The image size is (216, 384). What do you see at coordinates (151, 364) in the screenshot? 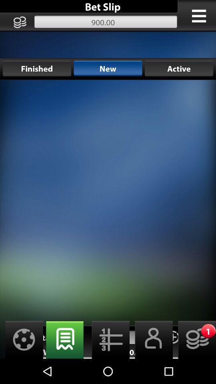
I see `the avatar icon` at bounding box center [151, 364].